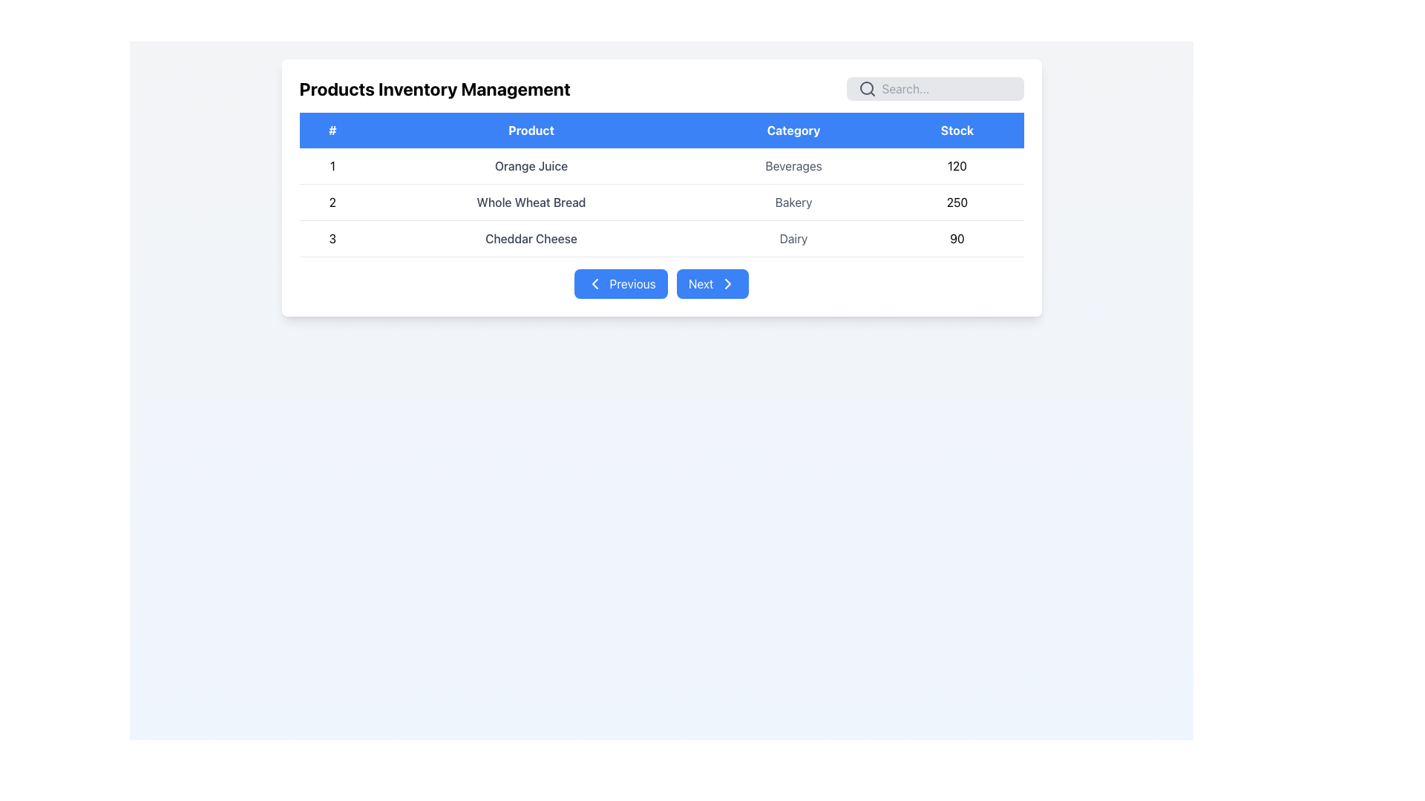  Describe the element at coordinates (594, 283) in the screenshot. I see `the 'Previous' button icon that navigates to the previous page, which is located at the bottom center of the user interface` at that location.